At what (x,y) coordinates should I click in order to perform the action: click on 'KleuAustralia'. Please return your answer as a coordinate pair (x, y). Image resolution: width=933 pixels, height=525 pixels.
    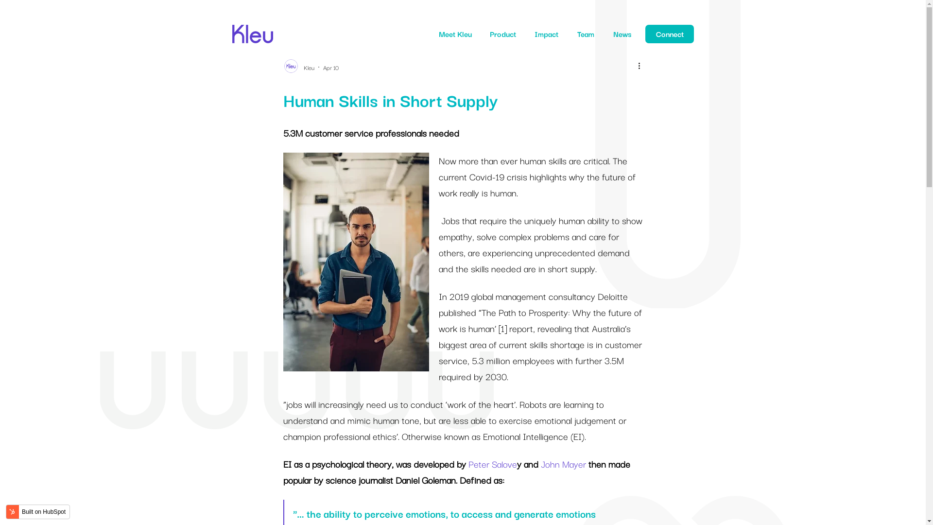
    Looking at the image, I should click on (232, 28).